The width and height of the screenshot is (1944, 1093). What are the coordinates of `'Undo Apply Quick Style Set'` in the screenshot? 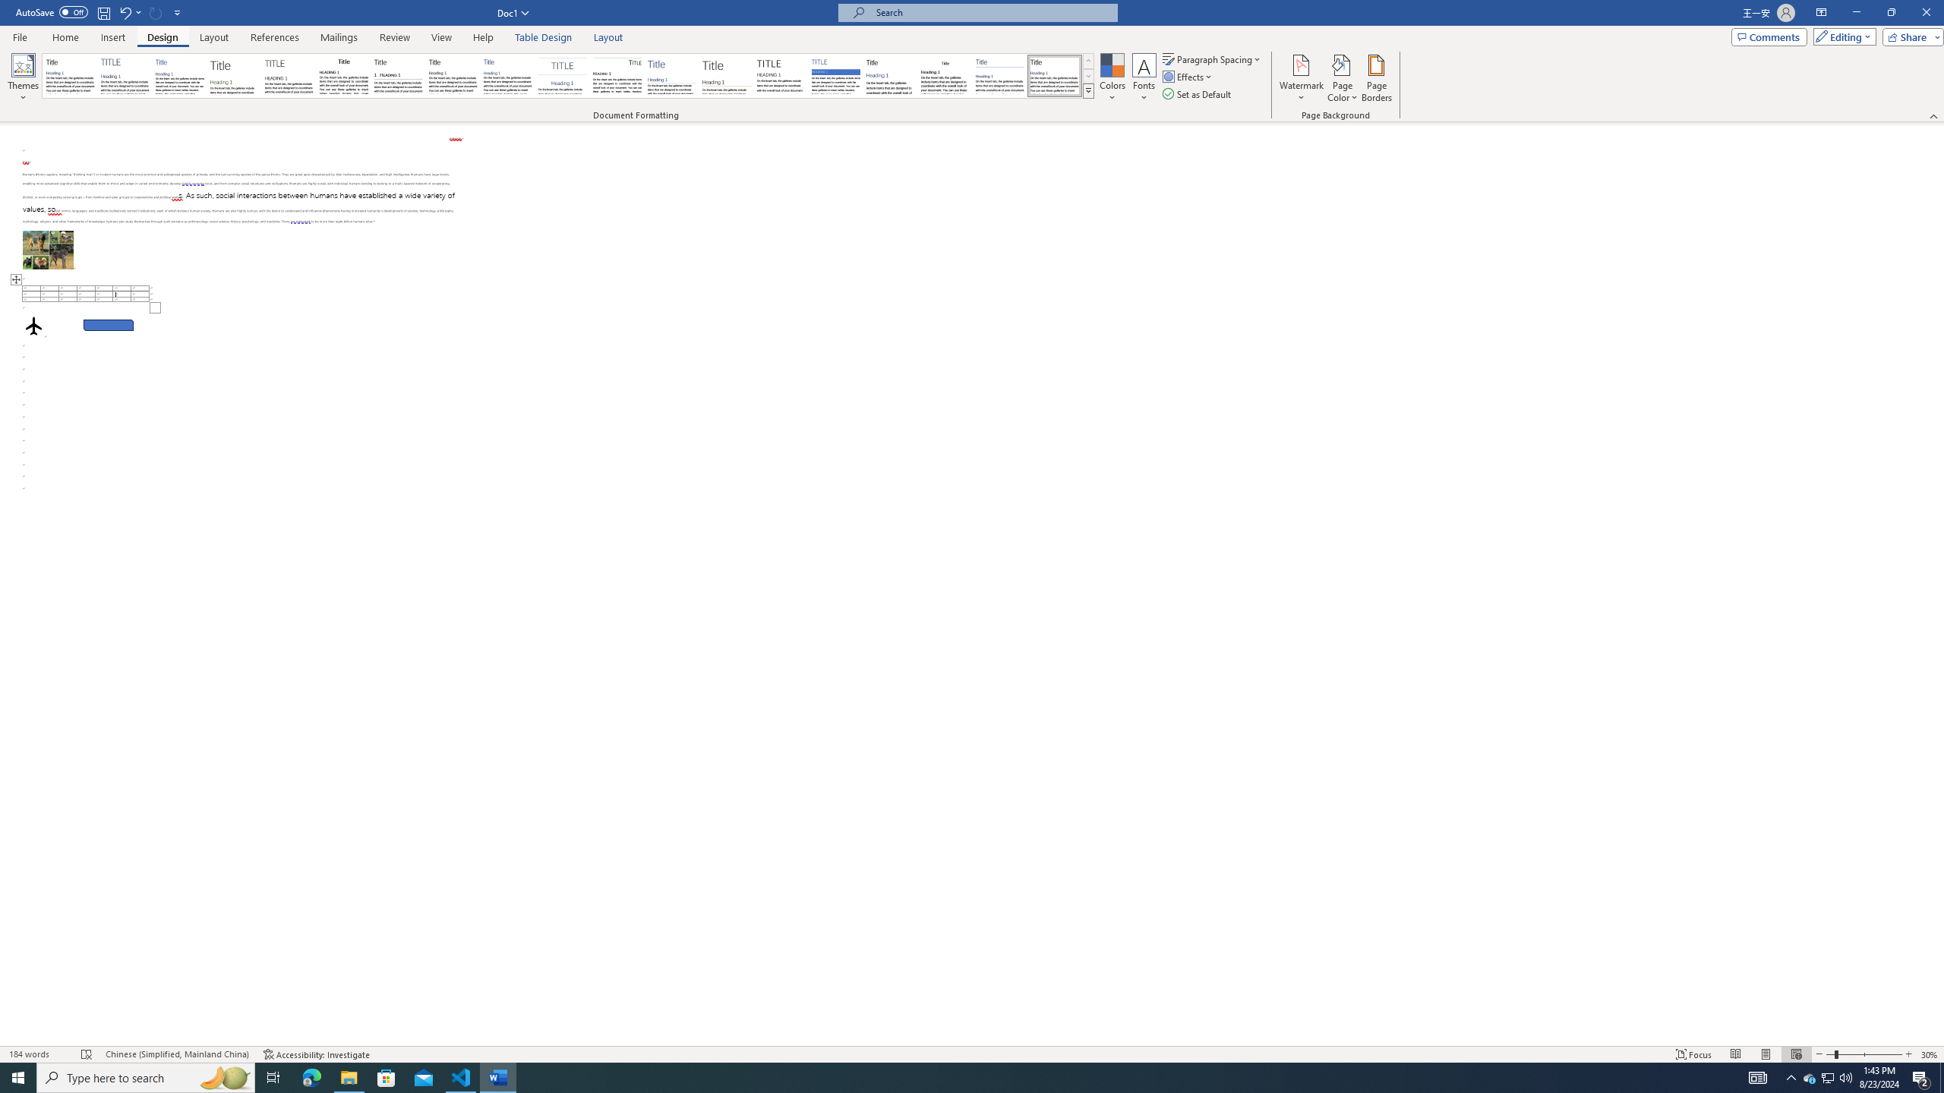 It's located at (129, 11).